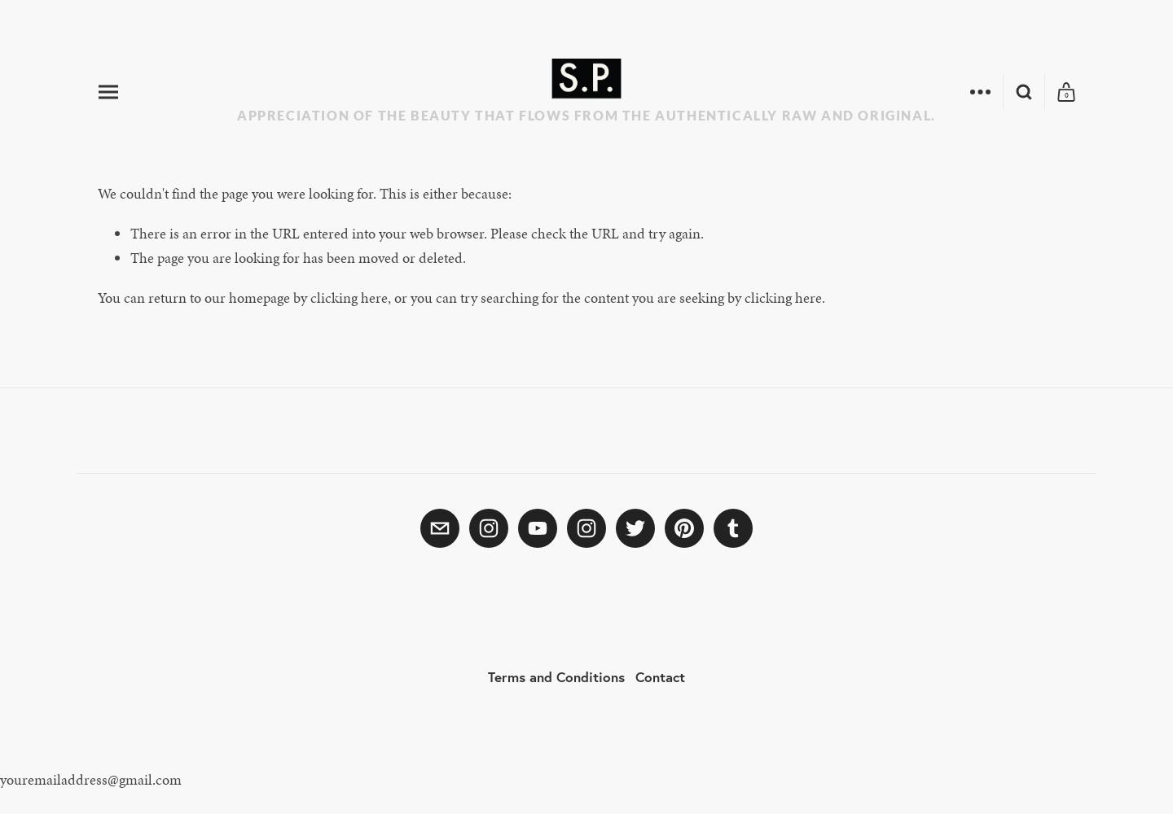  What do you see at coordinates (586, 115) in the screenshot?
I see `'Appreciation of the beauty that flows from the authentically raw and original.'` at bounding box center [586, 115].